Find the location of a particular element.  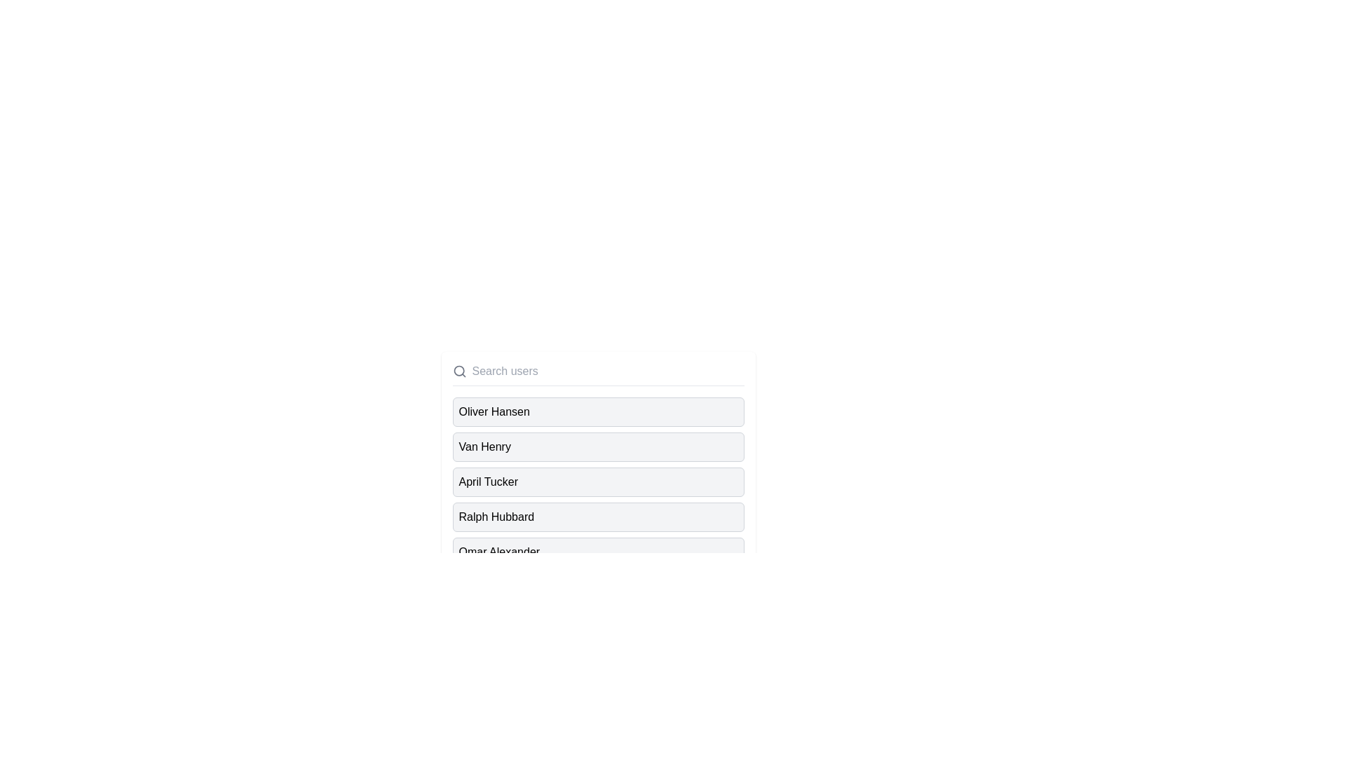

the first list item entry labeled 'Oliver Hansen' in the vertically stacked list is located at coordinates (598, 411).